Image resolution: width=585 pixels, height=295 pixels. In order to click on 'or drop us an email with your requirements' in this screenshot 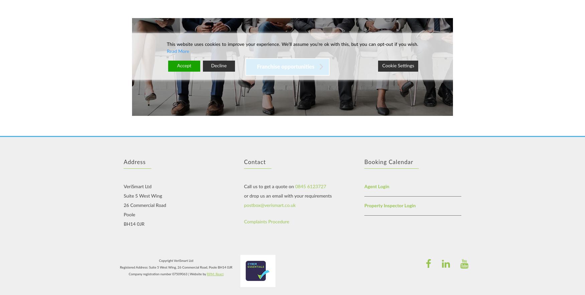, I will do `click(287, 196)`.